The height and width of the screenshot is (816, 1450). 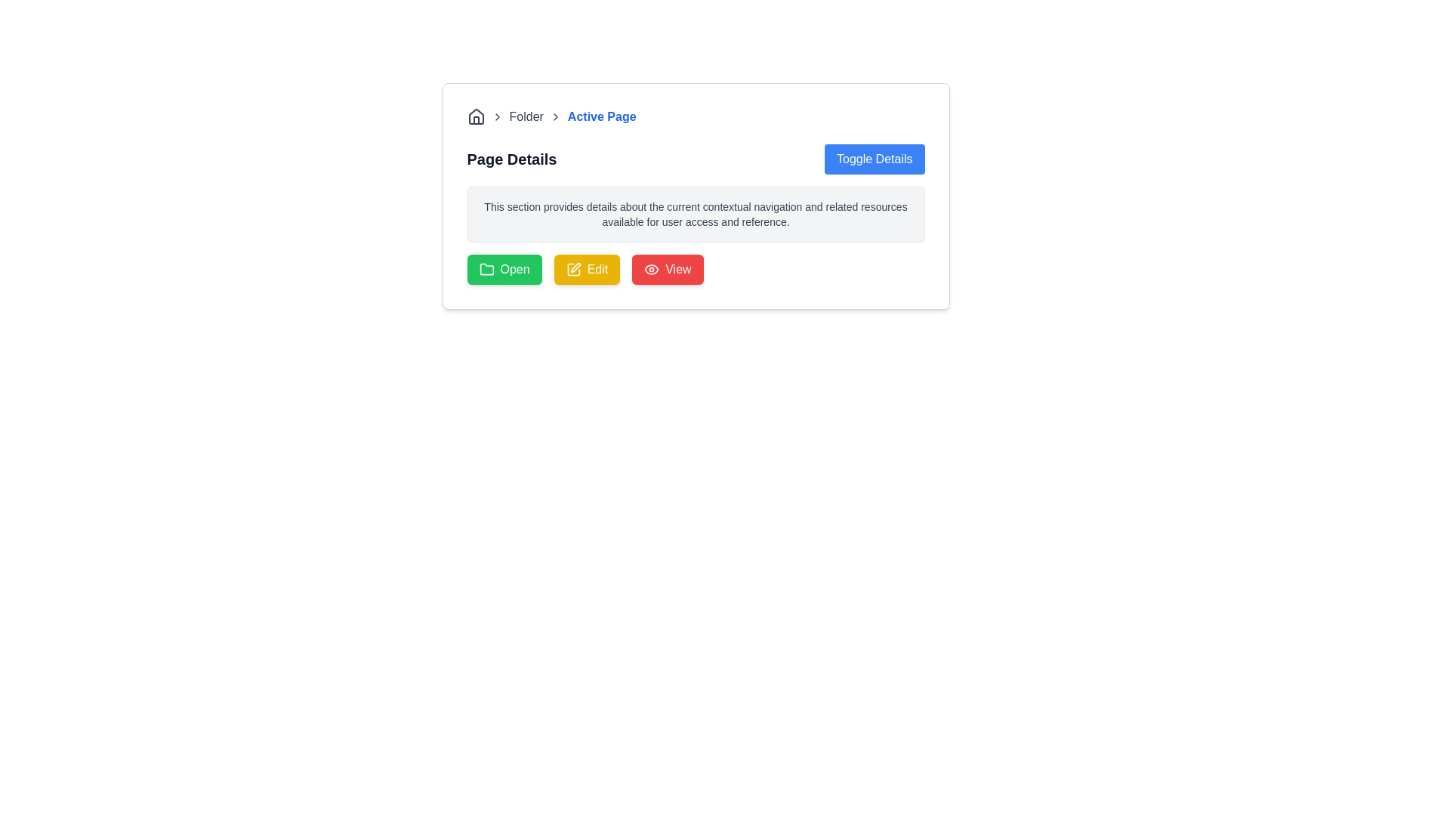 I want to click on the 'Open' button with a green background and a folder icon, located below the 'Page Details' section, so click(x=504, y=269).